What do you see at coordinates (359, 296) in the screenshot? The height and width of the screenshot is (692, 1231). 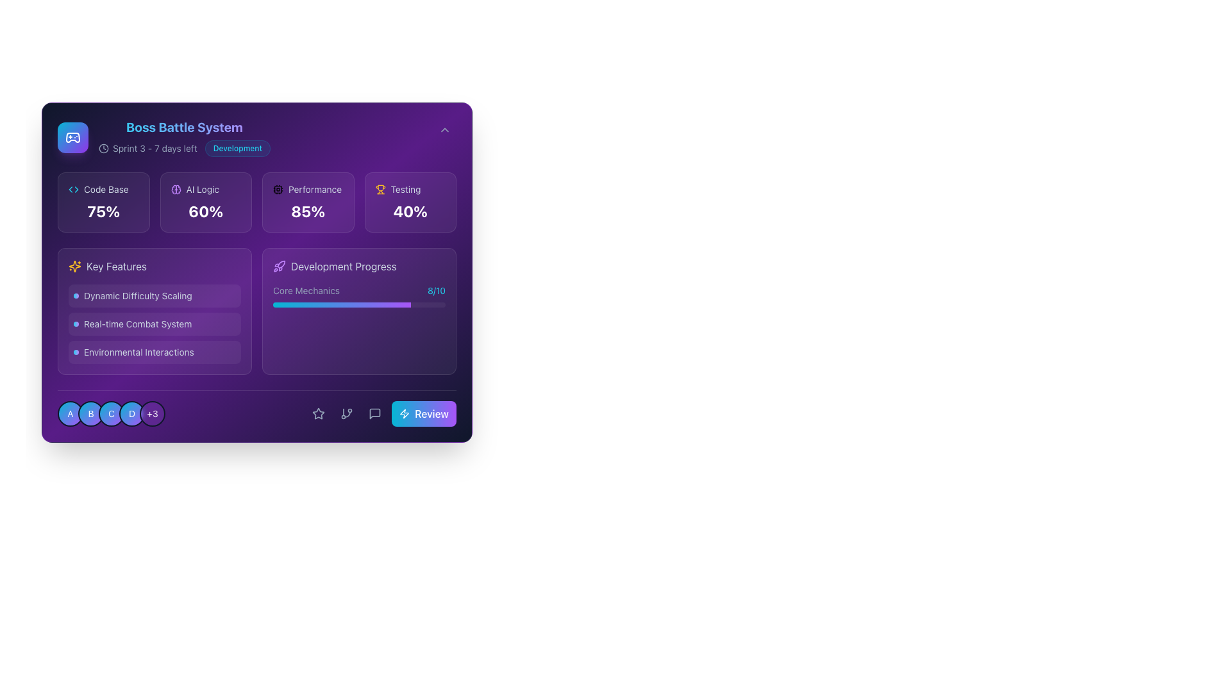 I see `the Progress indicator labeled 'Core Mechanics' with the score '8/10' and a gradient progress bar from cyan to purple, located in the 'Development Progress' section` at bounding box center [359, 296].